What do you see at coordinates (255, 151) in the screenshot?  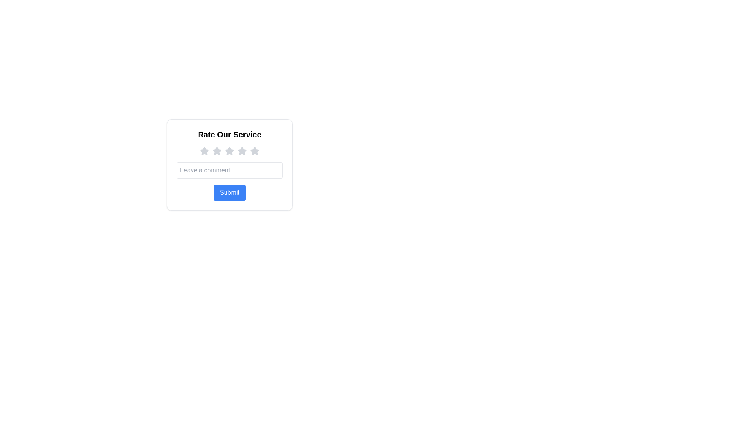 I see `the fifth star icon with a hollow center and light gray fill color` at bounding box center [255, 151].